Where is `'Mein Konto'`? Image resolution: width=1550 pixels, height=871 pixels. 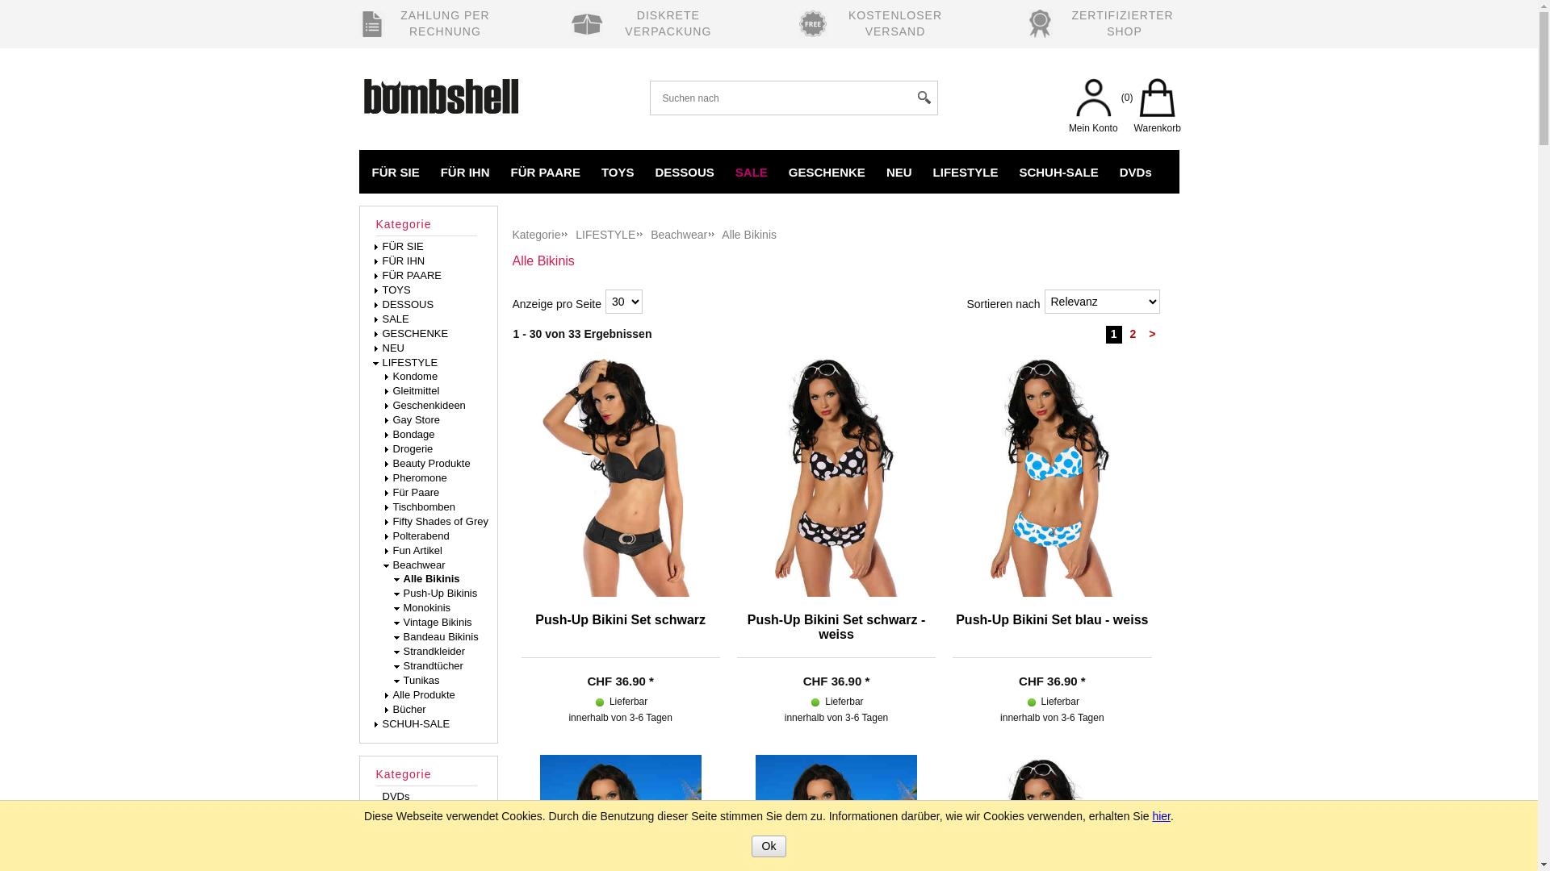 'Mein Konto' is located at coordinates (1069, 113).